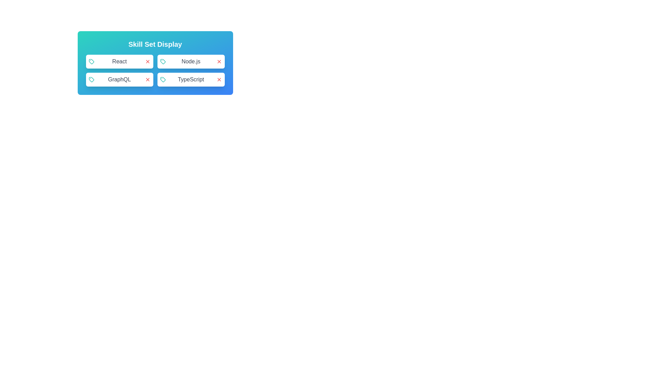 The width and height of the screenshot is (666, 374). Describe the element at coordinates (147, 61) in the screenshot. I see `close button next to the skill React to remove it` at that location.